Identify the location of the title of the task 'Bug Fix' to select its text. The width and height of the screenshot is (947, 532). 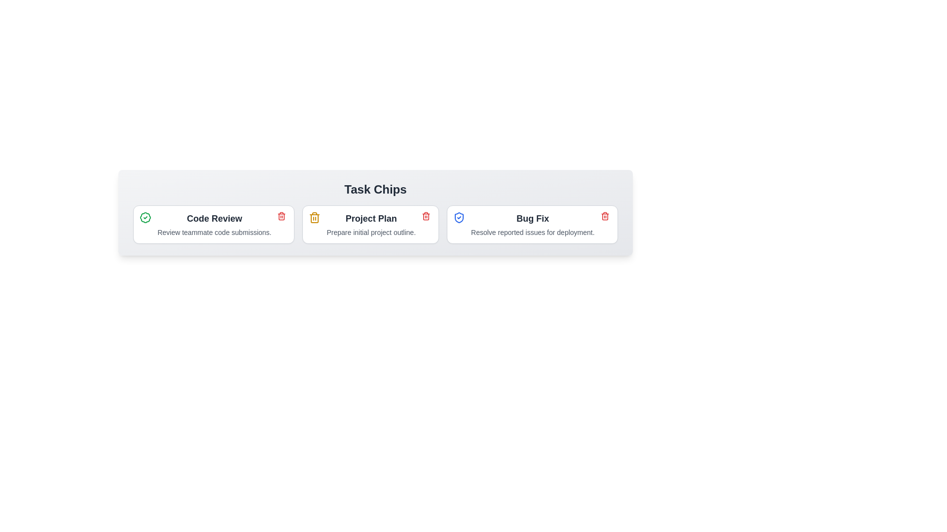
(532, 218).